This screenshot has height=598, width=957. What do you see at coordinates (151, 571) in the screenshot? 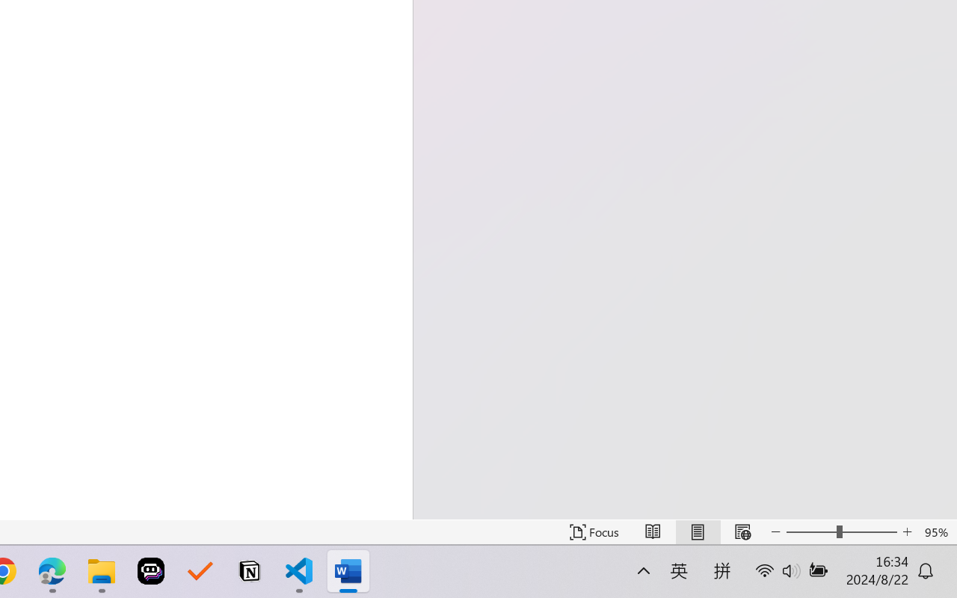
I see `'Poe'` at bounding box center [151, 571].